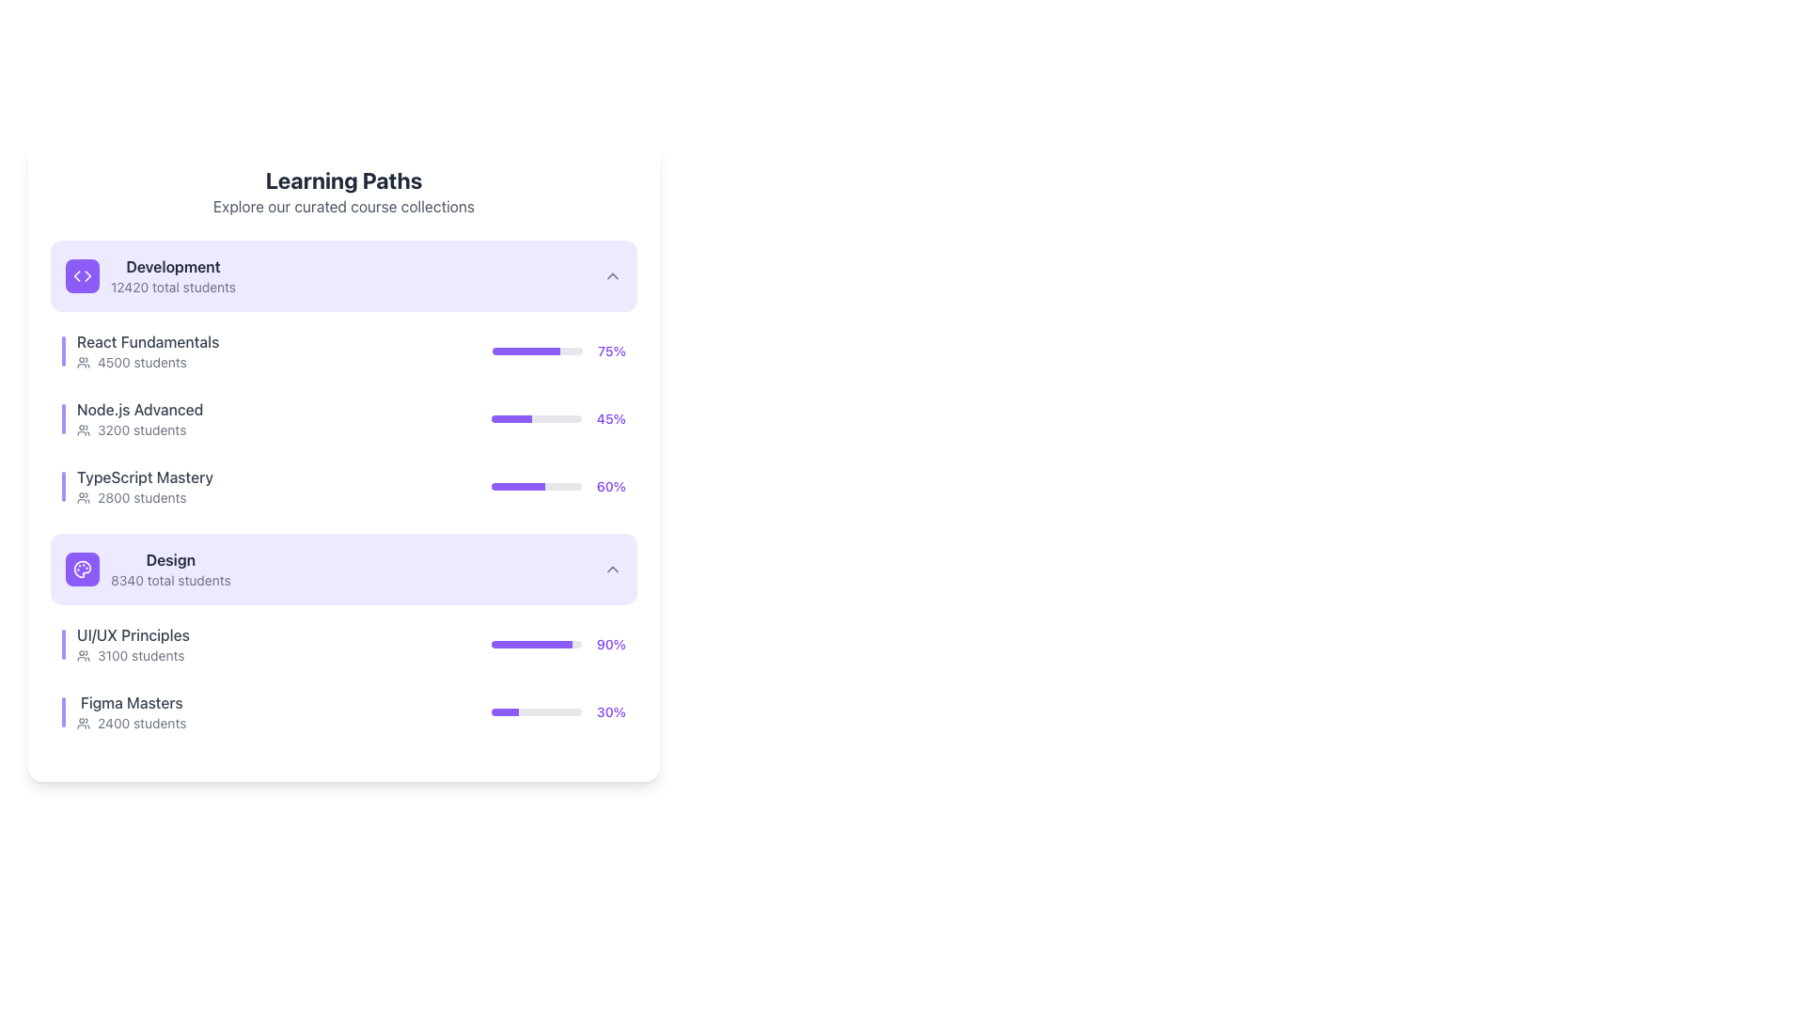 The image size is (1805, 1015). What do you see at coordinates (537, 351) in the screenshot?
I see `the topmost progress bar in the 'Development' section that visually represents the completion percentage of 'React Fundamentals' with a label of '75%'` at bounding box center [537, 351].